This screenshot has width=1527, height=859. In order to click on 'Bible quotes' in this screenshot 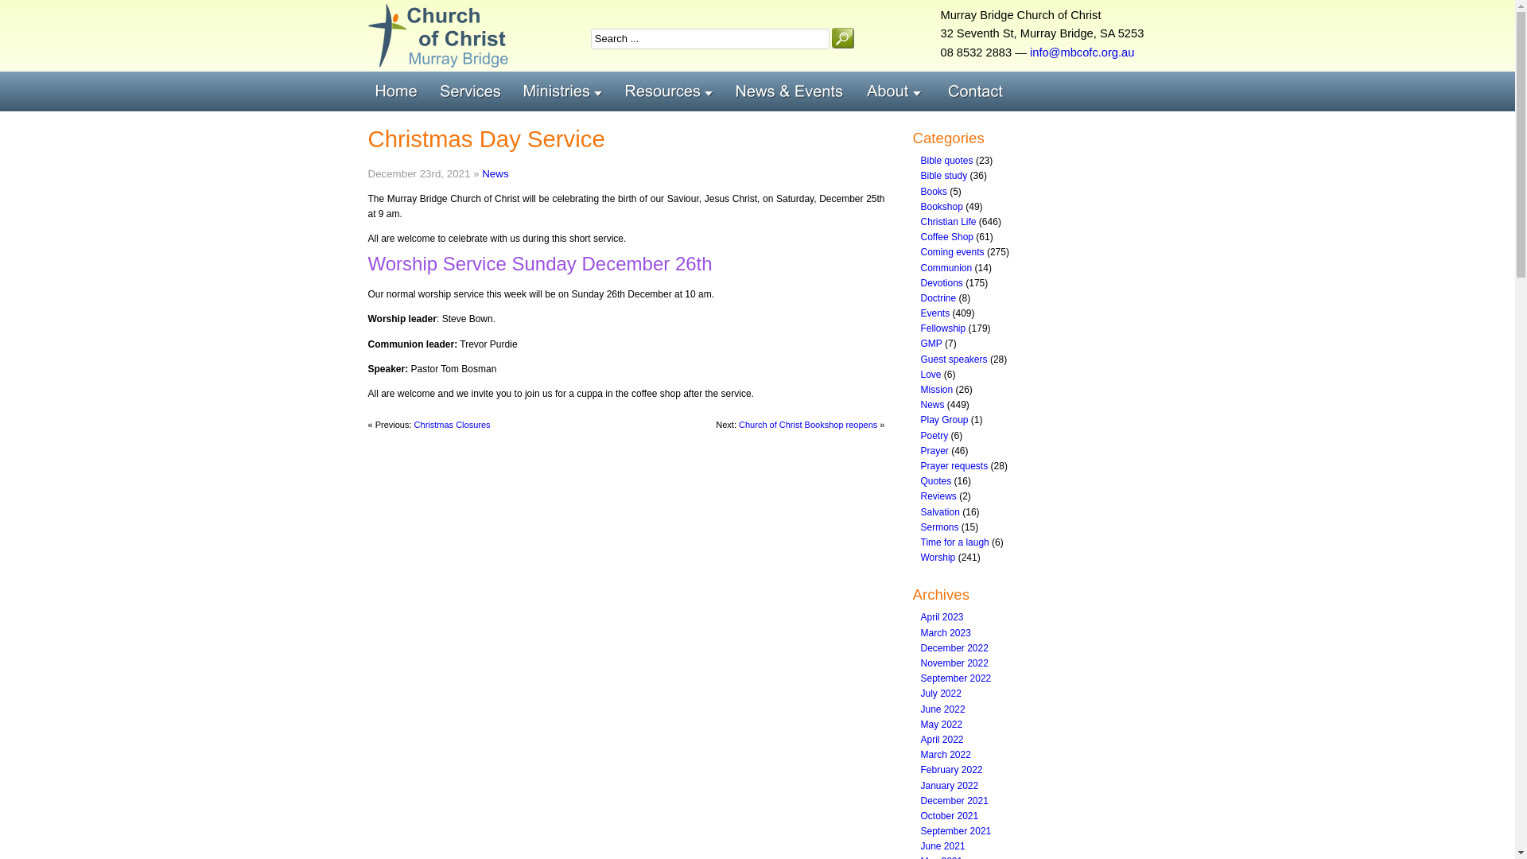, I will do `click(946, 160)`.